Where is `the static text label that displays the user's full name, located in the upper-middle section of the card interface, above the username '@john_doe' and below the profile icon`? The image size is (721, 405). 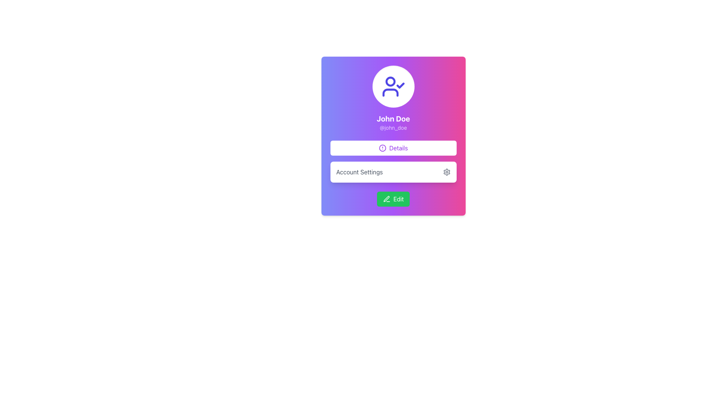 the static text label that displays the user's full name, located in the upper-middle section of the card interface, above the username '@john_doe' and below the profile icon is located at coordinates (393, 118).